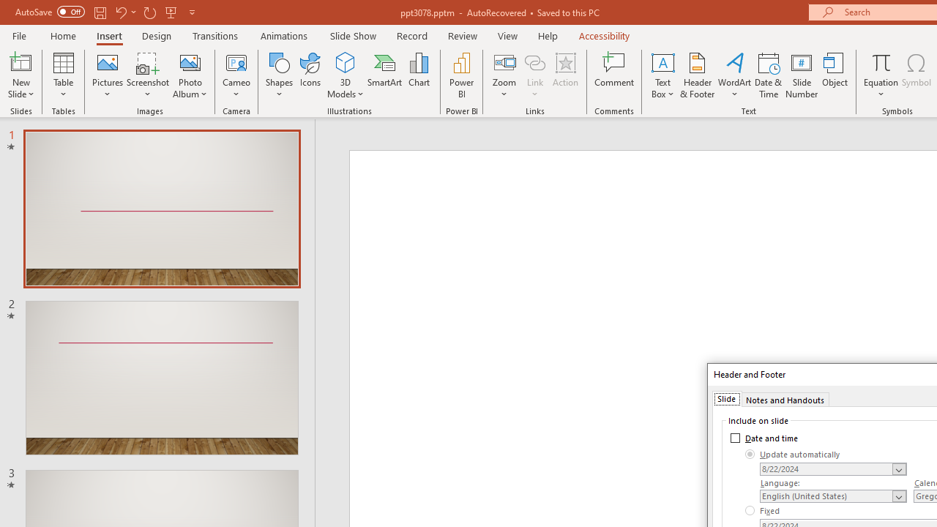  I want to click on 'Object...', so click(835, 75).